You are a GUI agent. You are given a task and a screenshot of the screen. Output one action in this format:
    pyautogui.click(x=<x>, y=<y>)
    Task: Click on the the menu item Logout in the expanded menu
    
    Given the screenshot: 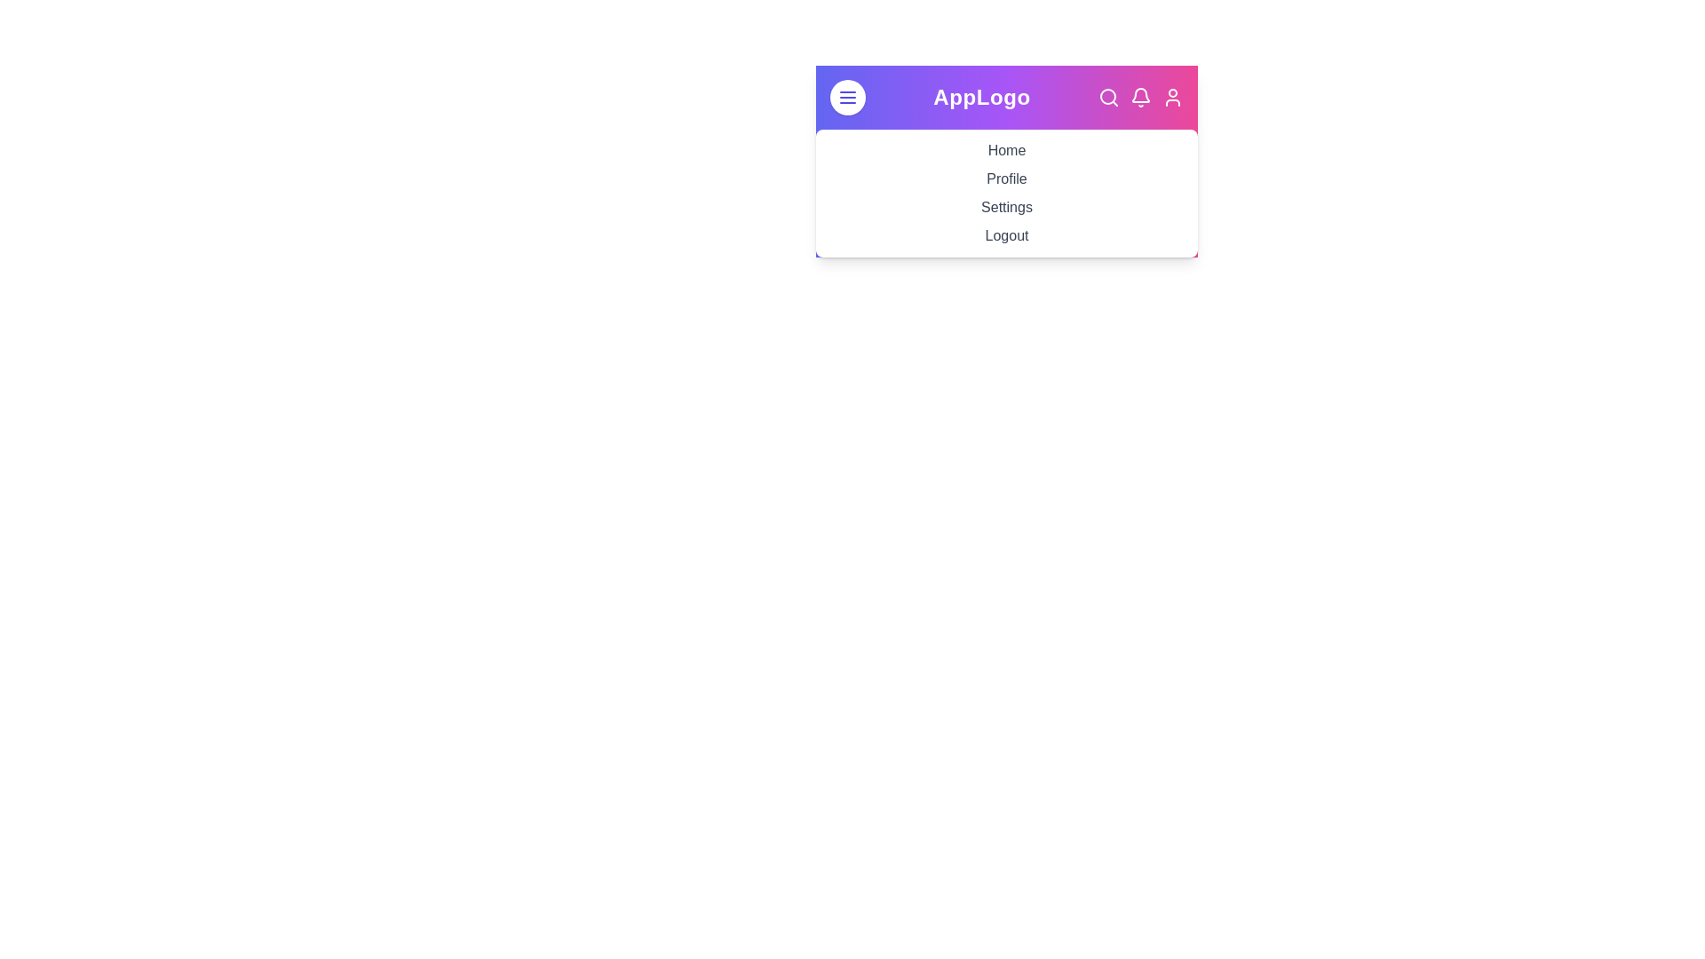 What is the action you would take?
    pyautogui.click(x=1006, y=234)
    